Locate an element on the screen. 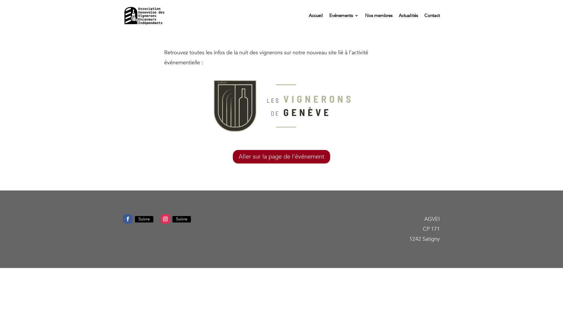  'Contact' is located at coordinates (432, 15).